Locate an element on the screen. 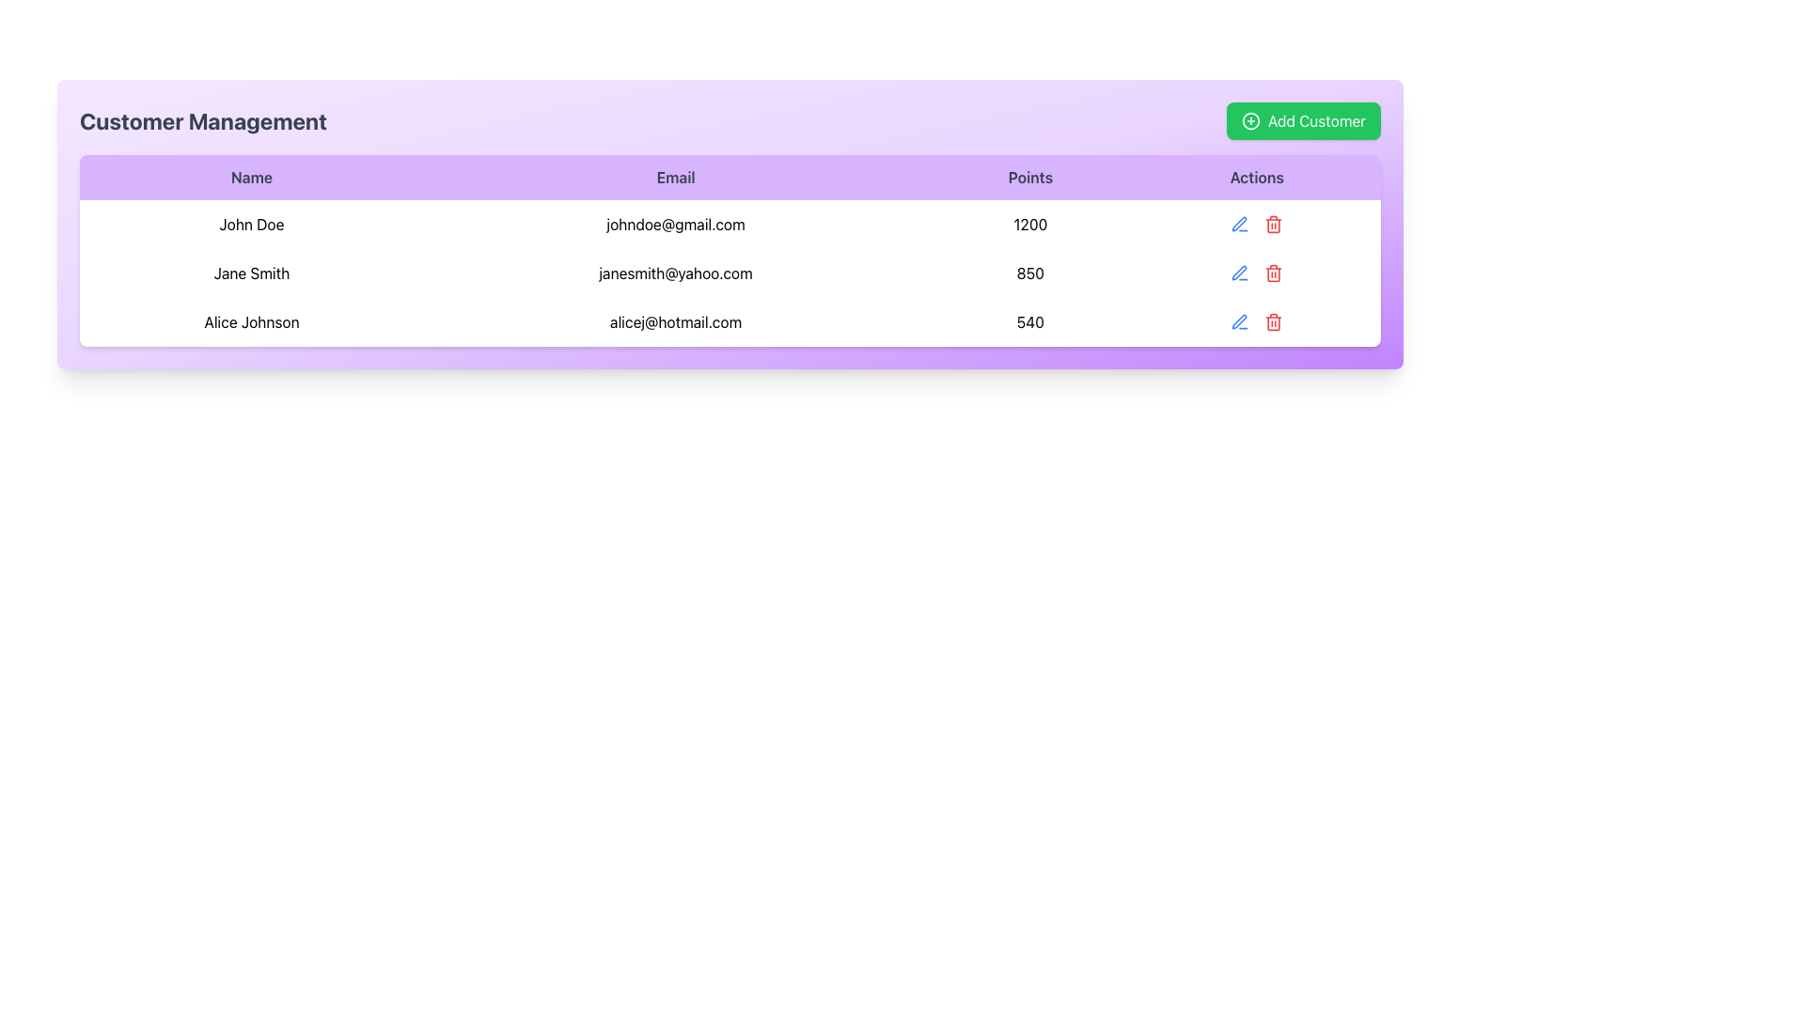 The height and width of the screenshot is (1015, 1805). the text field displaying '540' associated with 'Alice Johnson' in the 'Points' column of the customer management table is located at coordinates (1029, 321).